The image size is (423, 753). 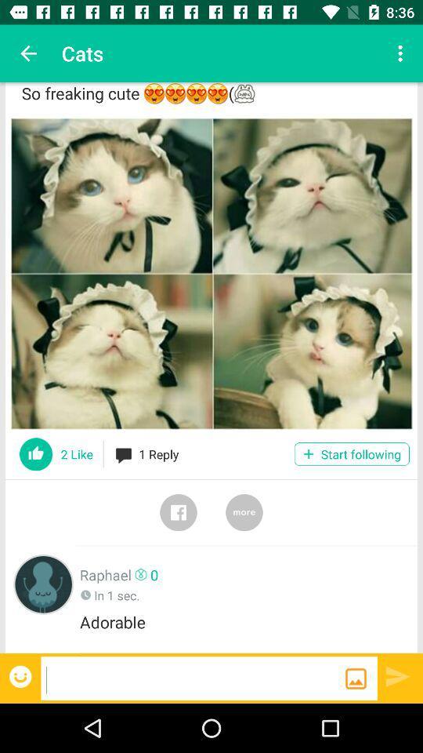 I want to click on person 's profile, so click(x=43, y=584).